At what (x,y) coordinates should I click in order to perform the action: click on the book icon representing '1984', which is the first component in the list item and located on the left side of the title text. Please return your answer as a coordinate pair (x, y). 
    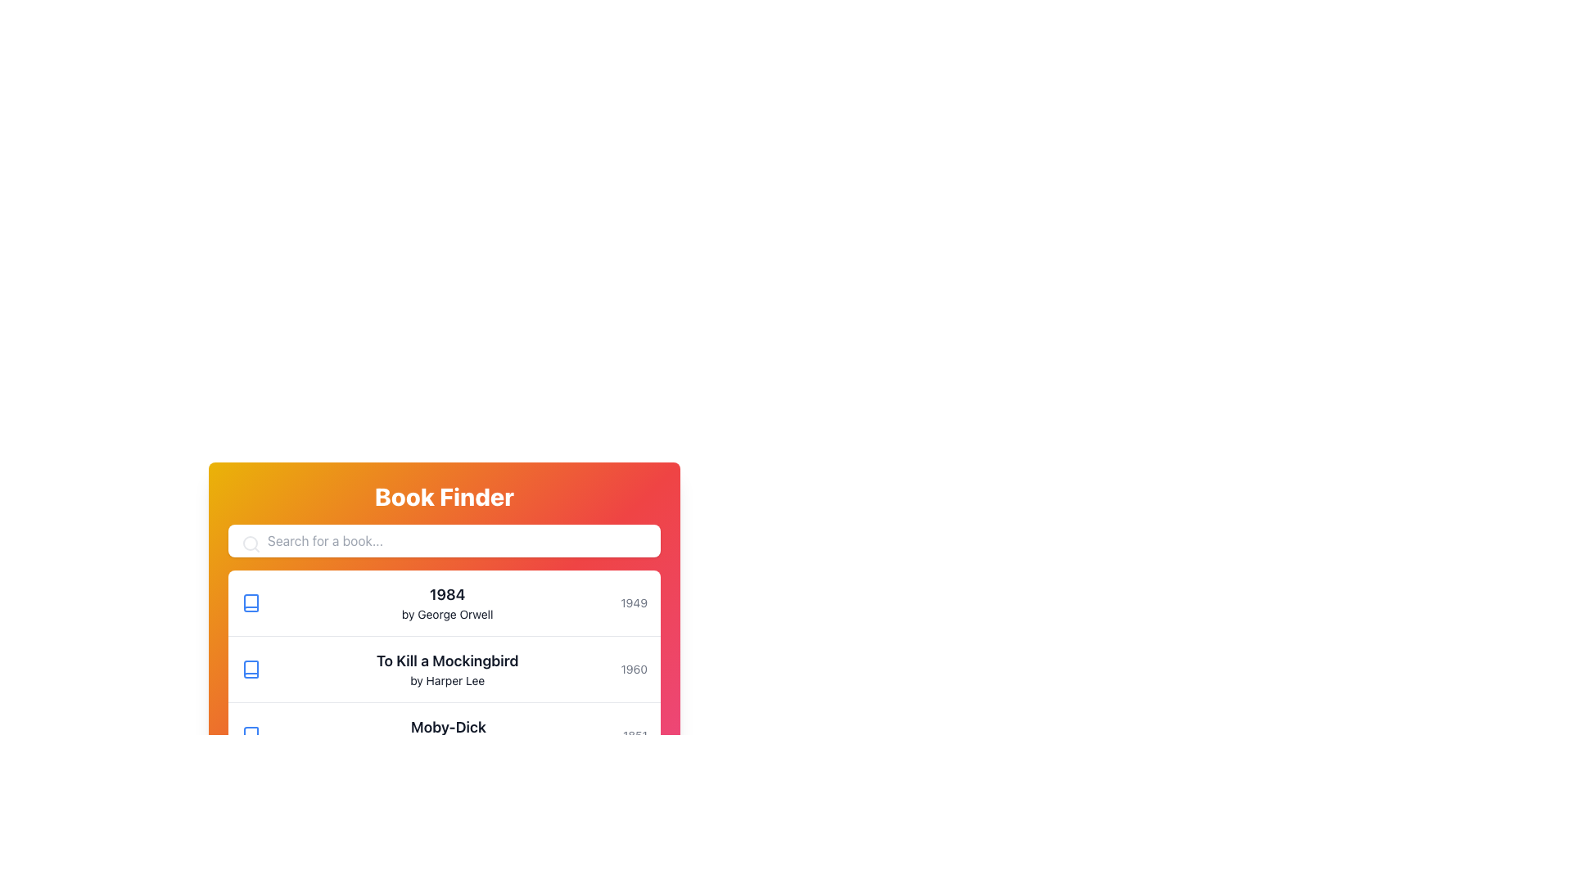
    Looking at the image, I should click on (251, 602).